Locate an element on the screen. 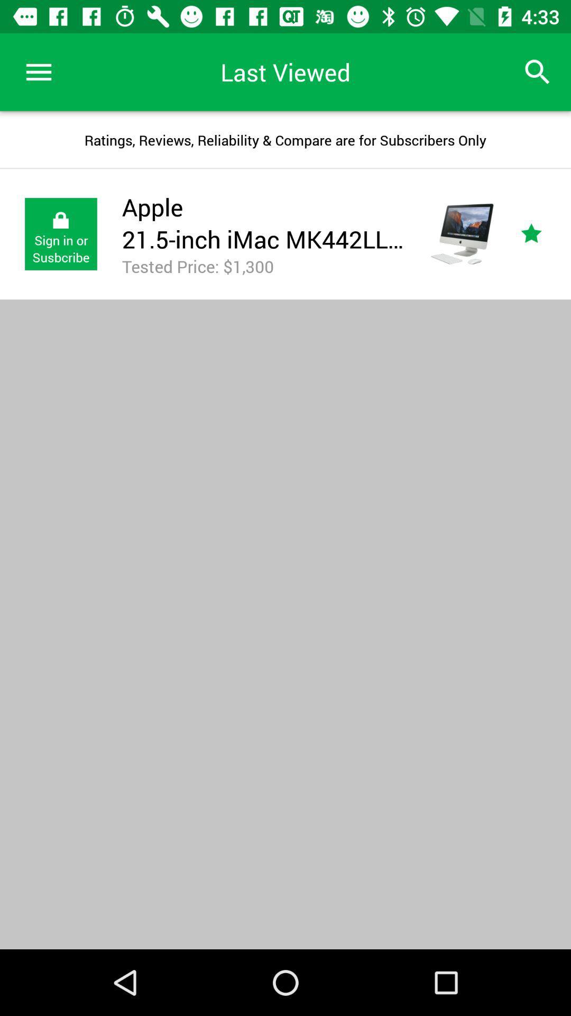  the icon next to last viewed item is located at coordinates (538, 71).